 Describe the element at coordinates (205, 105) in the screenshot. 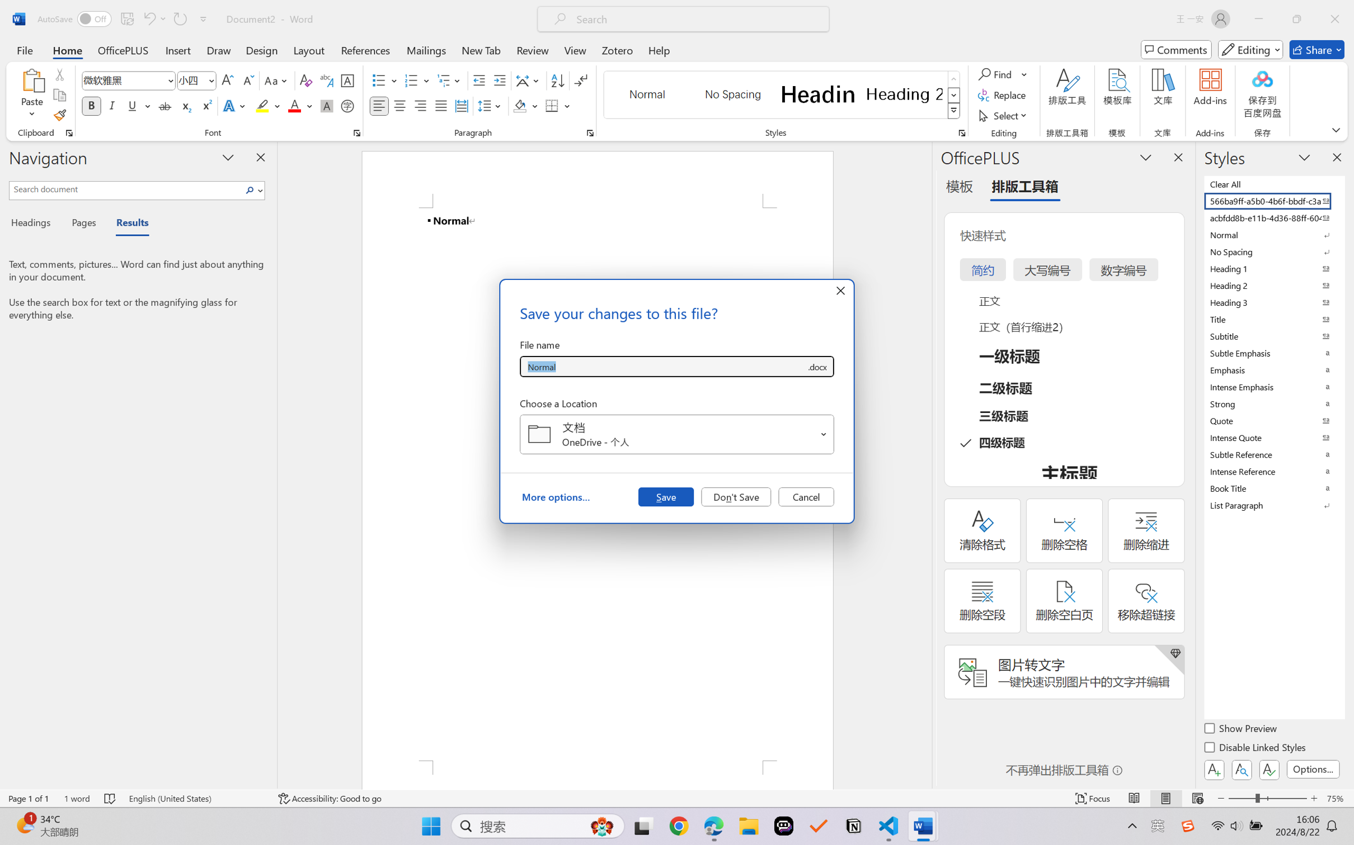

I see `'Superscript'` at that location.